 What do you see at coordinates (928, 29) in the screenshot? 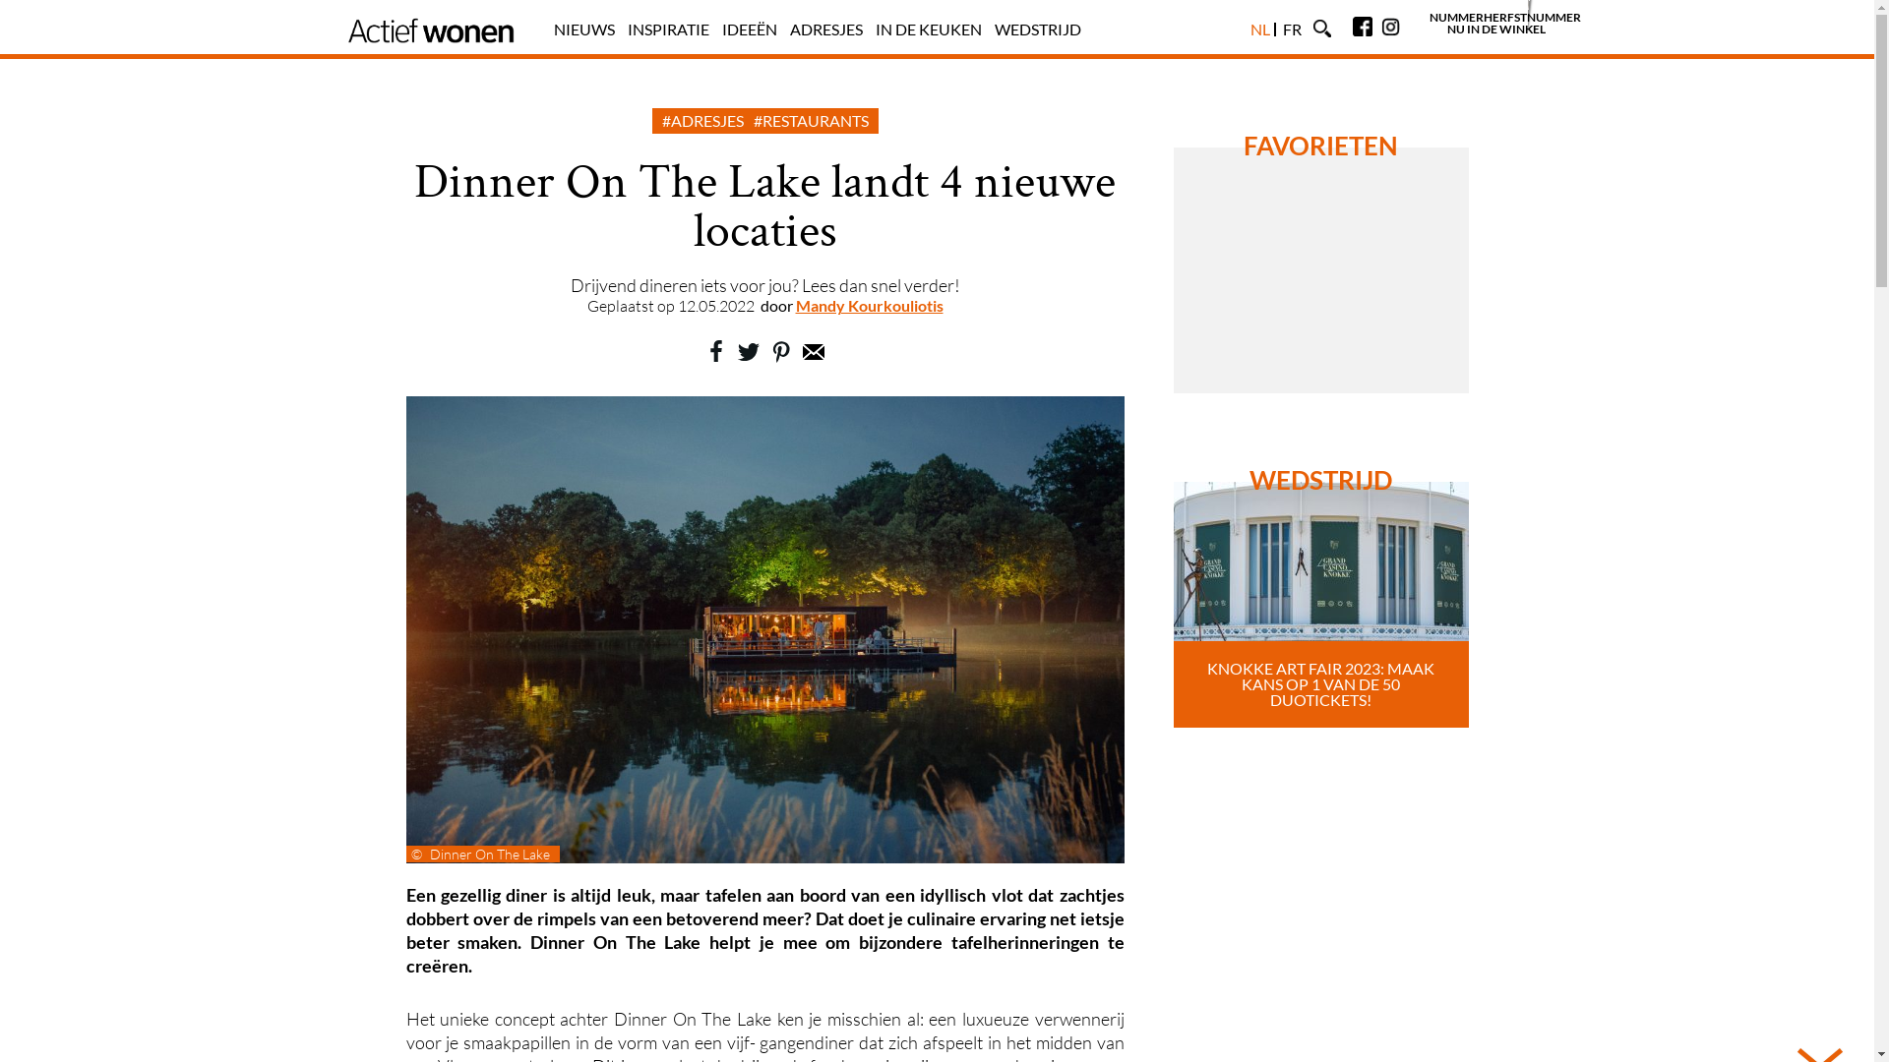
I see `'IN DE KEUKEN'` at bounding box center [928, 29].